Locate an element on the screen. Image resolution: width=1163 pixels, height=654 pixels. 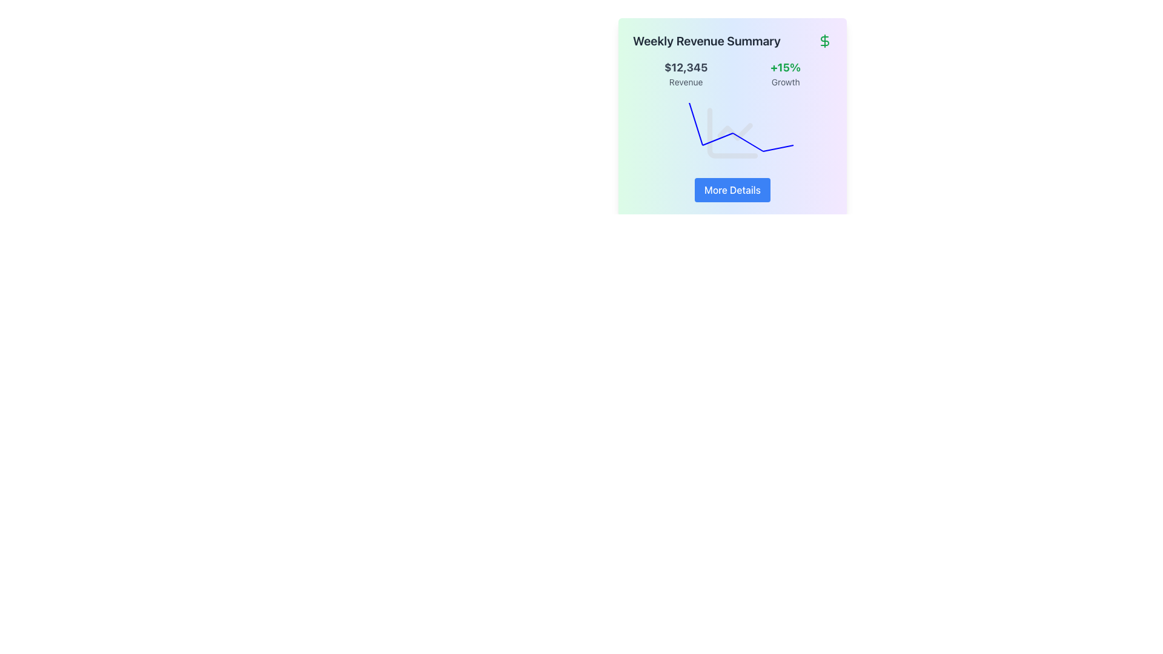
the Informational Display Component that shows the current revenue and growth percentage, located below the 'Weekly Revenue Summary' title is located at coordinates (732, 74).